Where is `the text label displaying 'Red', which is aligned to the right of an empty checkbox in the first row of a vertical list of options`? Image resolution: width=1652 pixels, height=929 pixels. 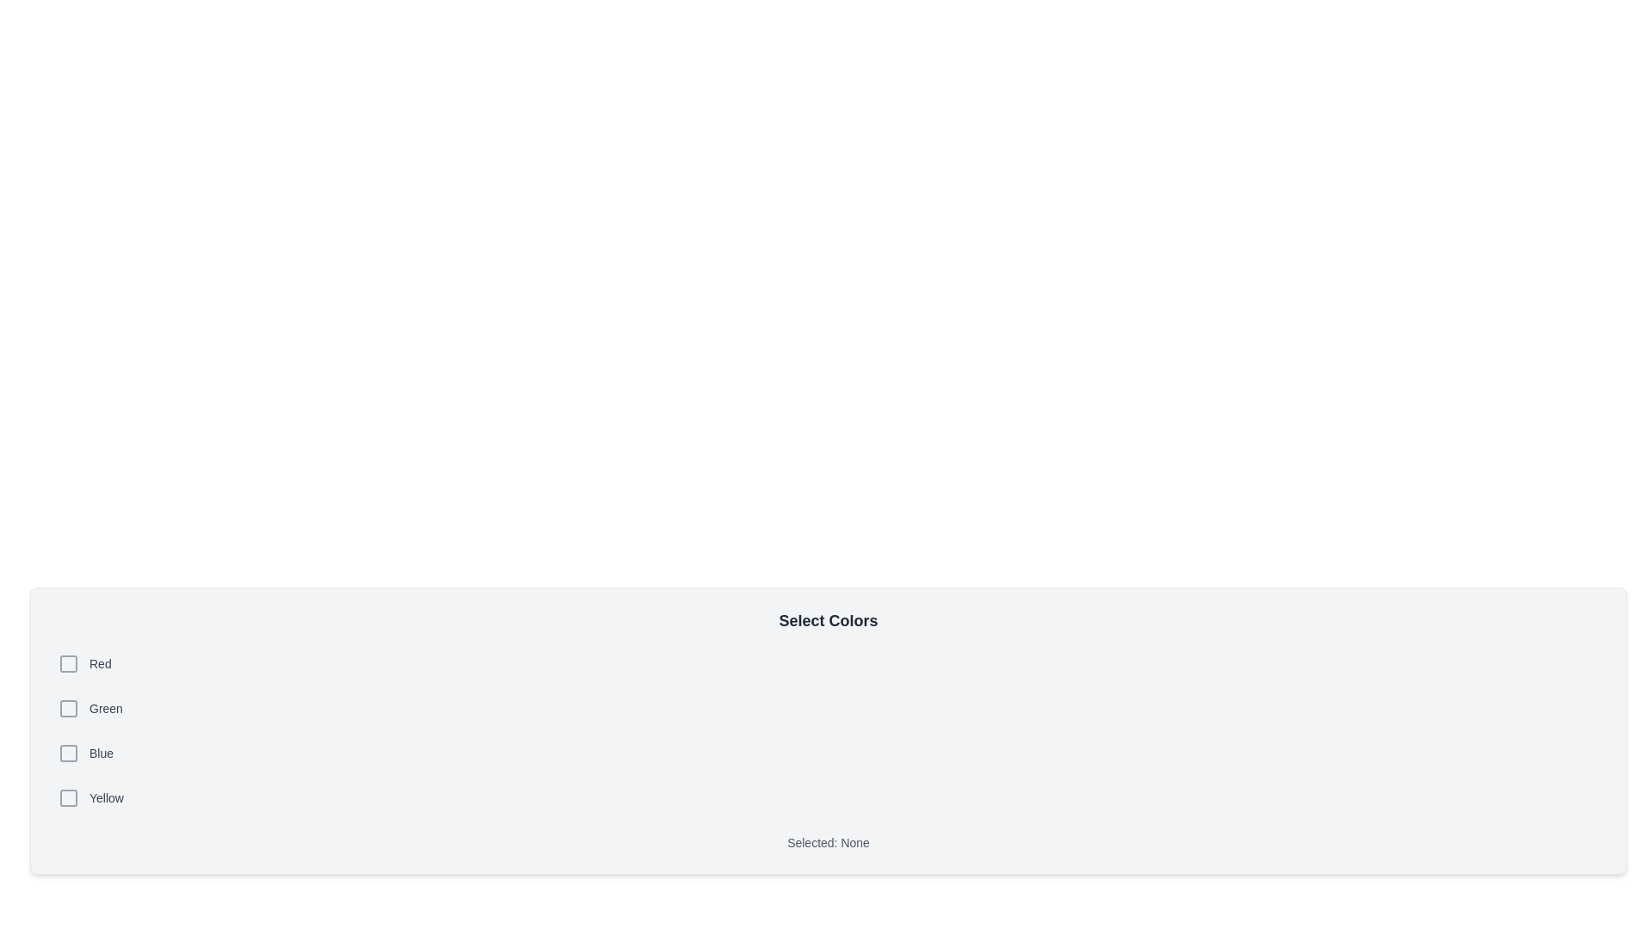 the text label displaying 'Red', which is aligned to the right of an empty checkbox in the first row of a vertical list of options is located at coordinates (99, 662).